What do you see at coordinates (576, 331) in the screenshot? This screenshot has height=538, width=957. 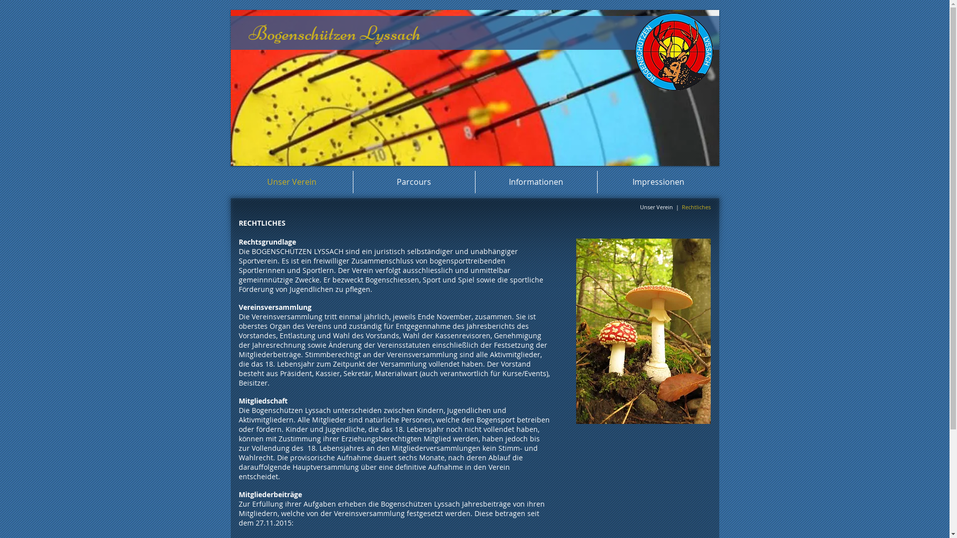 I see `'Herbstwald 013-1.jpg'` at bounding box center [576, 331].